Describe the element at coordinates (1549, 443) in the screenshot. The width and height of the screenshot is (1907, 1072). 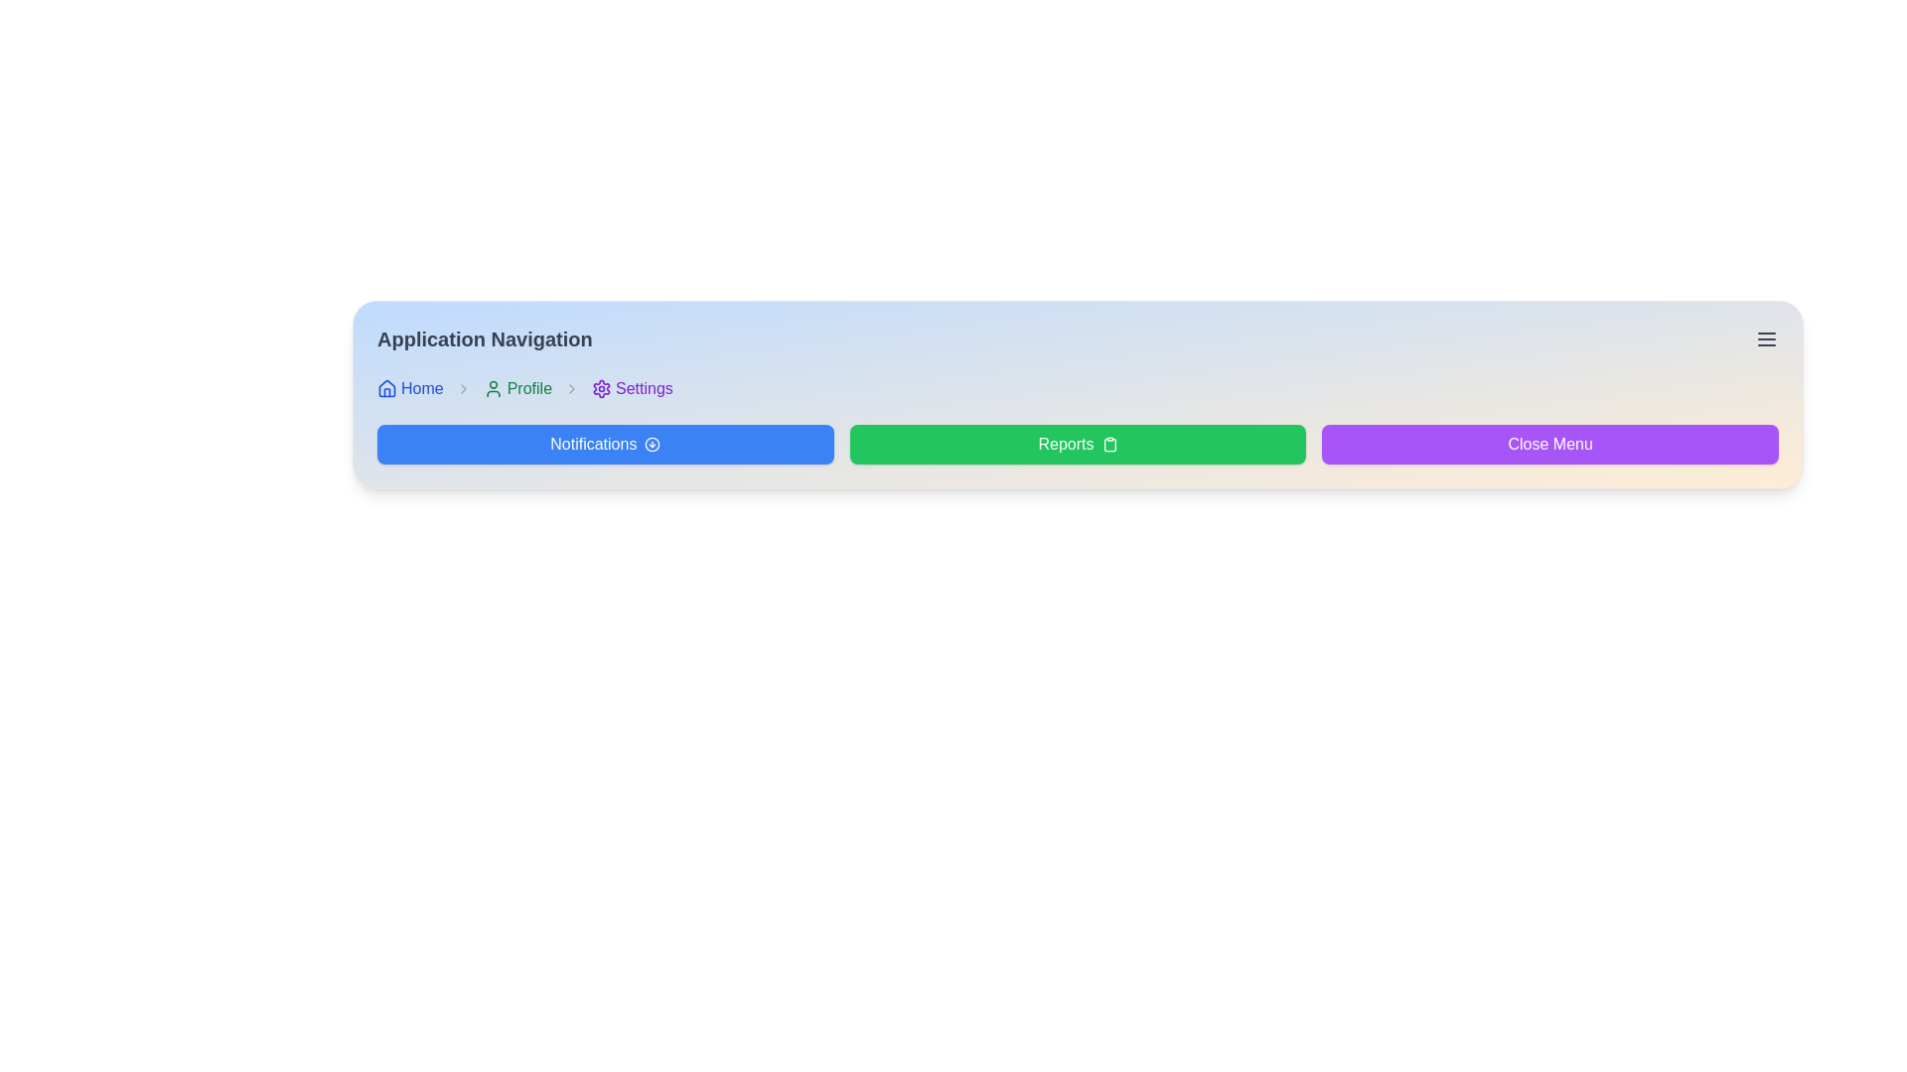
I see `the 'Close Menu' button, which is a rectangular button with a purple background and white text, located as the last item in a horizontal navigation group` at that location.